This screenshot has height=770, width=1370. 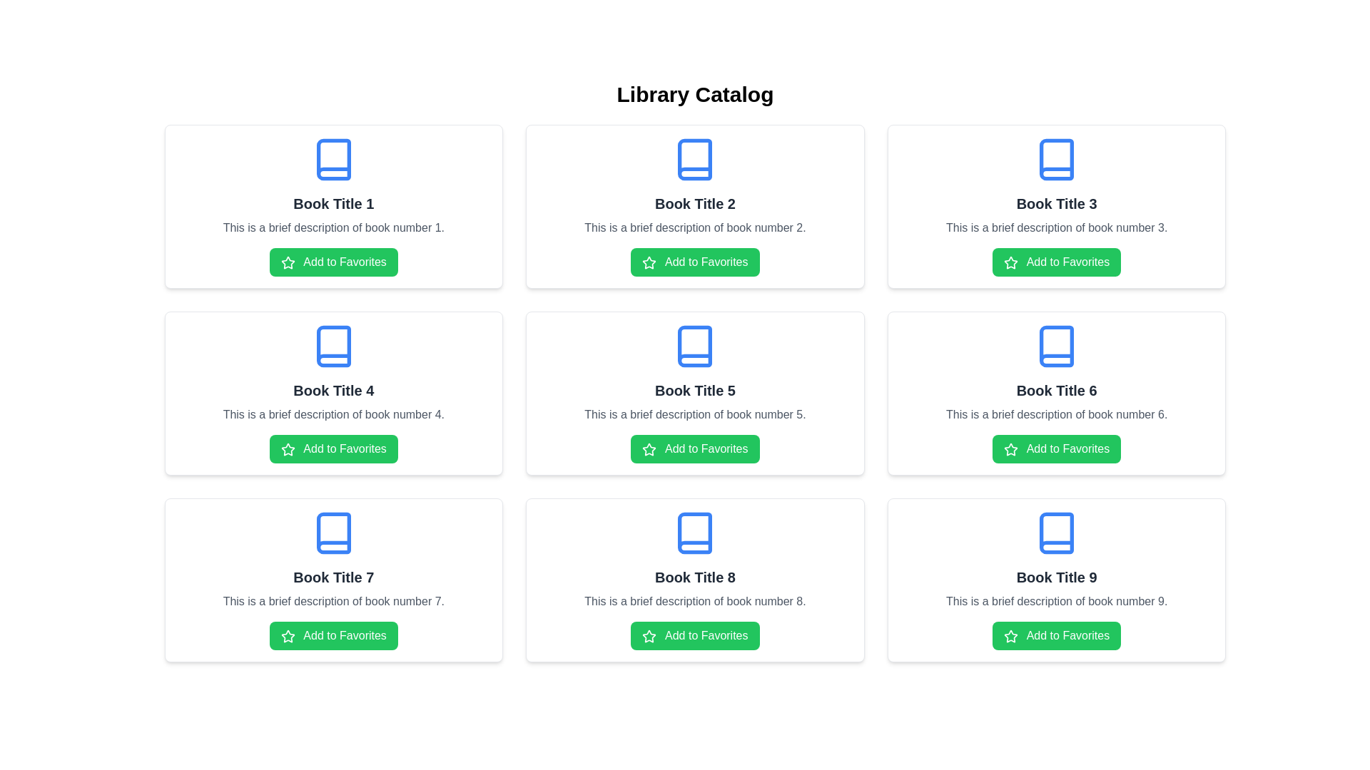 I want to click on the green star-shaped icon inside the 'Add to Favorites' button located in the second card of the top row, so click(x=649, y=262).